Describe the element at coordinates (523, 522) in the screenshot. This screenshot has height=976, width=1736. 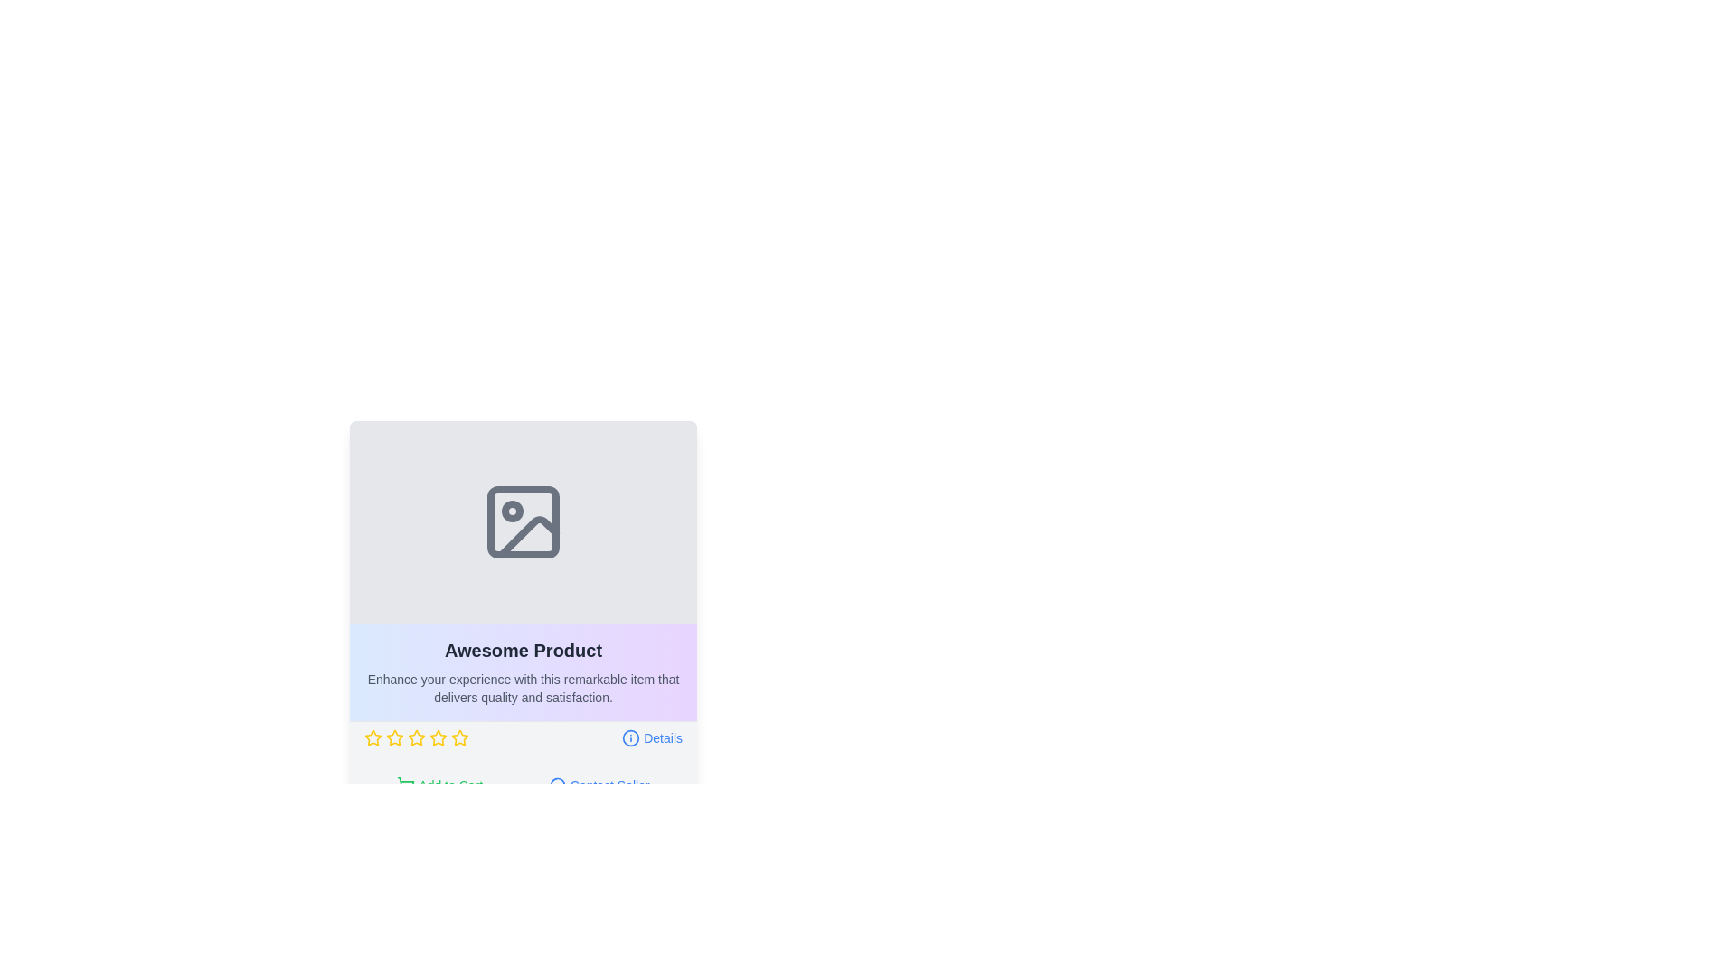
I see `the image placeholder located at the uppermost section of the product card interface, directly above the text title 'Awesome Product'` at that location.